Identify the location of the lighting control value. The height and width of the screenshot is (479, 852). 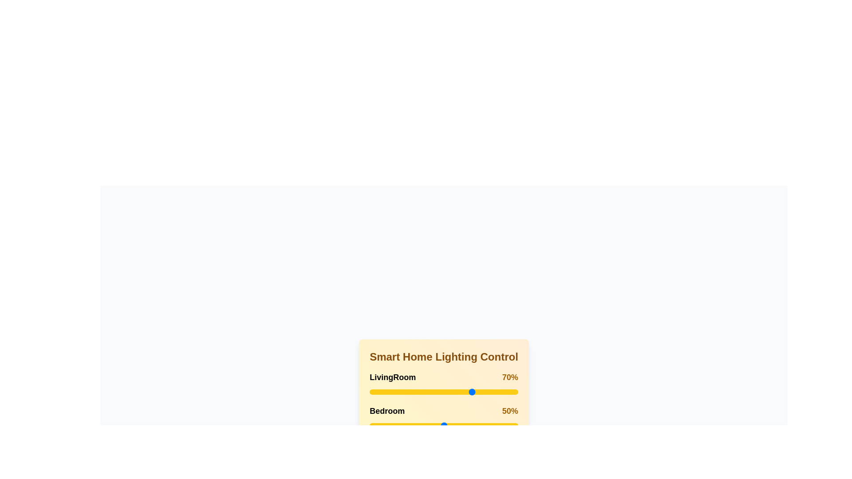
(436, 391).